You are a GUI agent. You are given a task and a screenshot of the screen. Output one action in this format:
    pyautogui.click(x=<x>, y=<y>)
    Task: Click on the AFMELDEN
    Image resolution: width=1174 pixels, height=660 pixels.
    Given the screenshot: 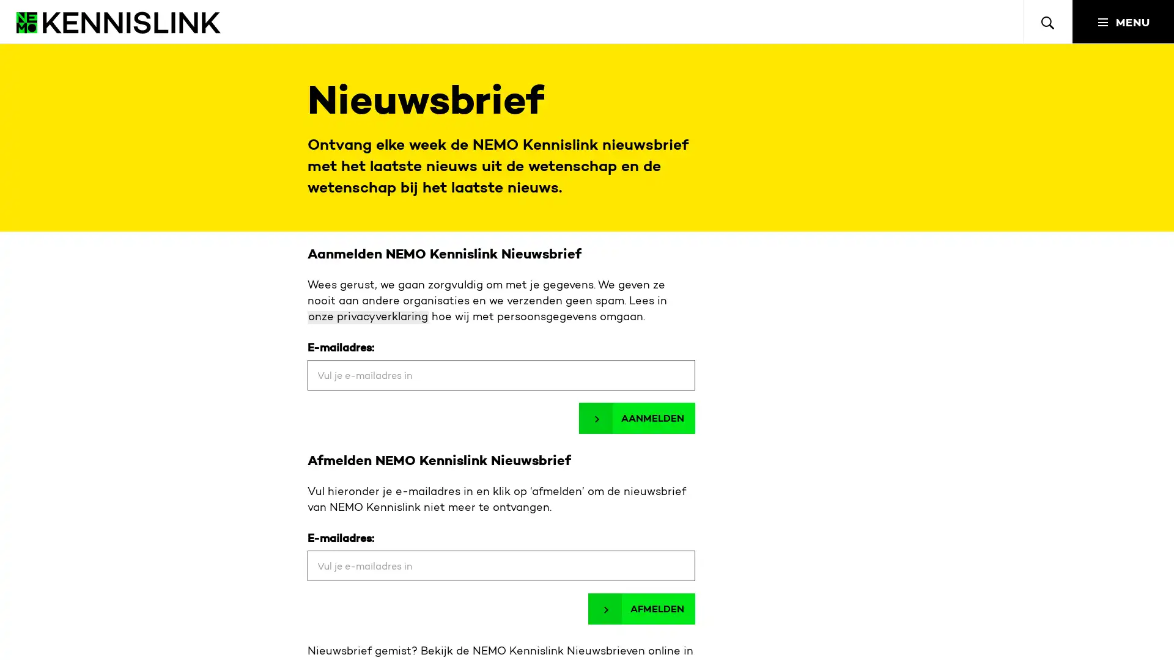 What is the action you would take?
    pyautogui.click(x=640, y=609)
    